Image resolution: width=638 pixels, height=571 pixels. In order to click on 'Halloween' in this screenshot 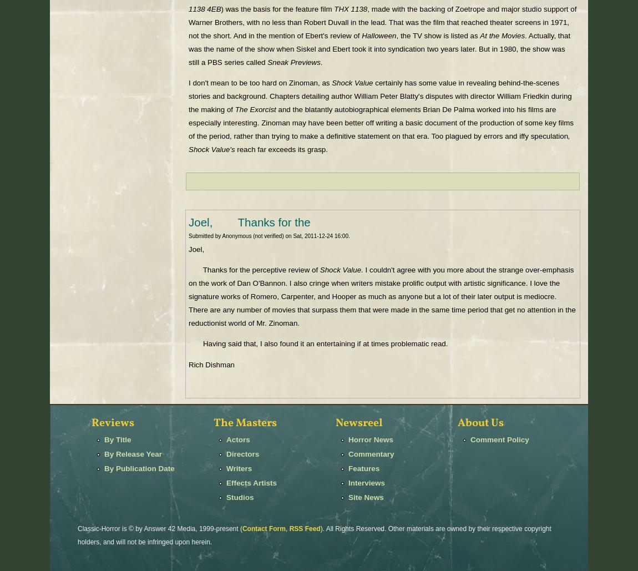, I will do `click(378, 36)`.